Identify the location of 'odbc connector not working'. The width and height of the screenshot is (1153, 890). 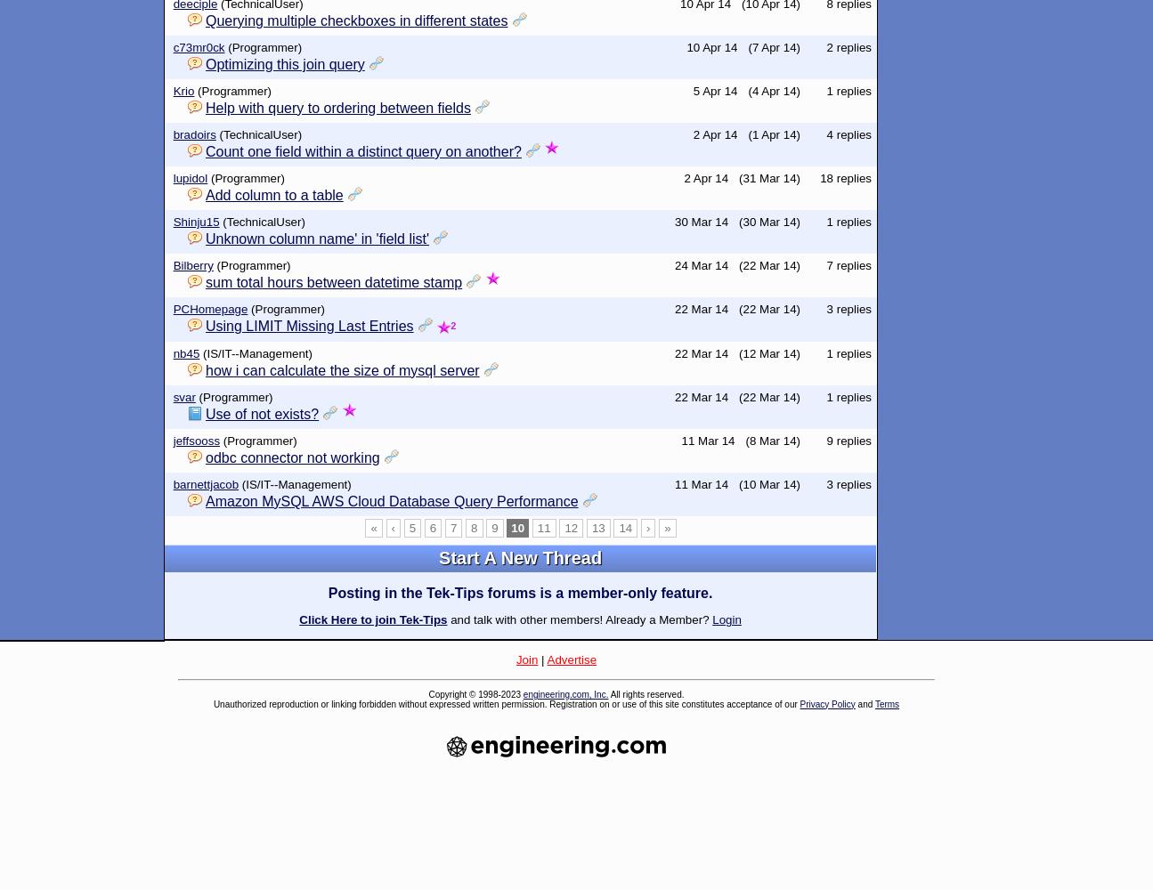
(292, 457).